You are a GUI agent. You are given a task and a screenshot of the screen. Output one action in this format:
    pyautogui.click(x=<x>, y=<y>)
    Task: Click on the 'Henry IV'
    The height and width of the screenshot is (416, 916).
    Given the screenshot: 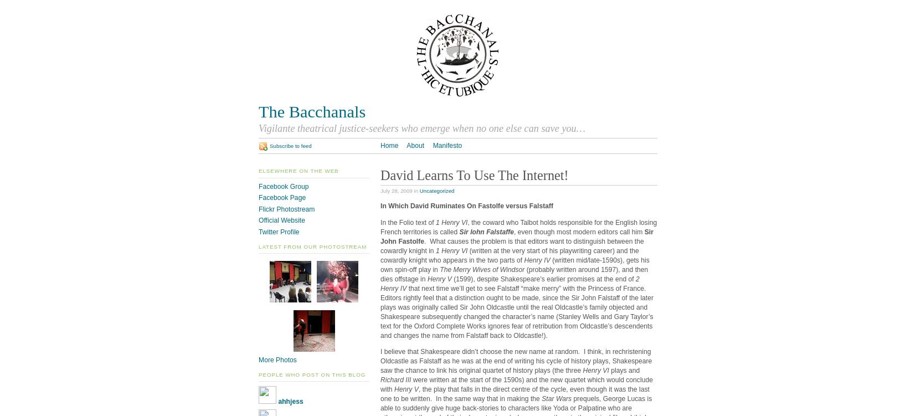 What is the action you would take?
    pyautogui.click(x=537, y=259)
    